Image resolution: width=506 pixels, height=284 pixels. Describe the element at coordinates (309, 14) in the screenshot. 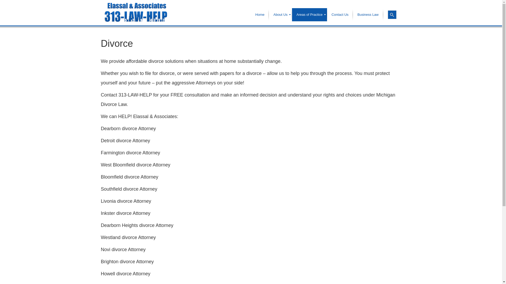

I see `'Areas of Practice'` at that location.